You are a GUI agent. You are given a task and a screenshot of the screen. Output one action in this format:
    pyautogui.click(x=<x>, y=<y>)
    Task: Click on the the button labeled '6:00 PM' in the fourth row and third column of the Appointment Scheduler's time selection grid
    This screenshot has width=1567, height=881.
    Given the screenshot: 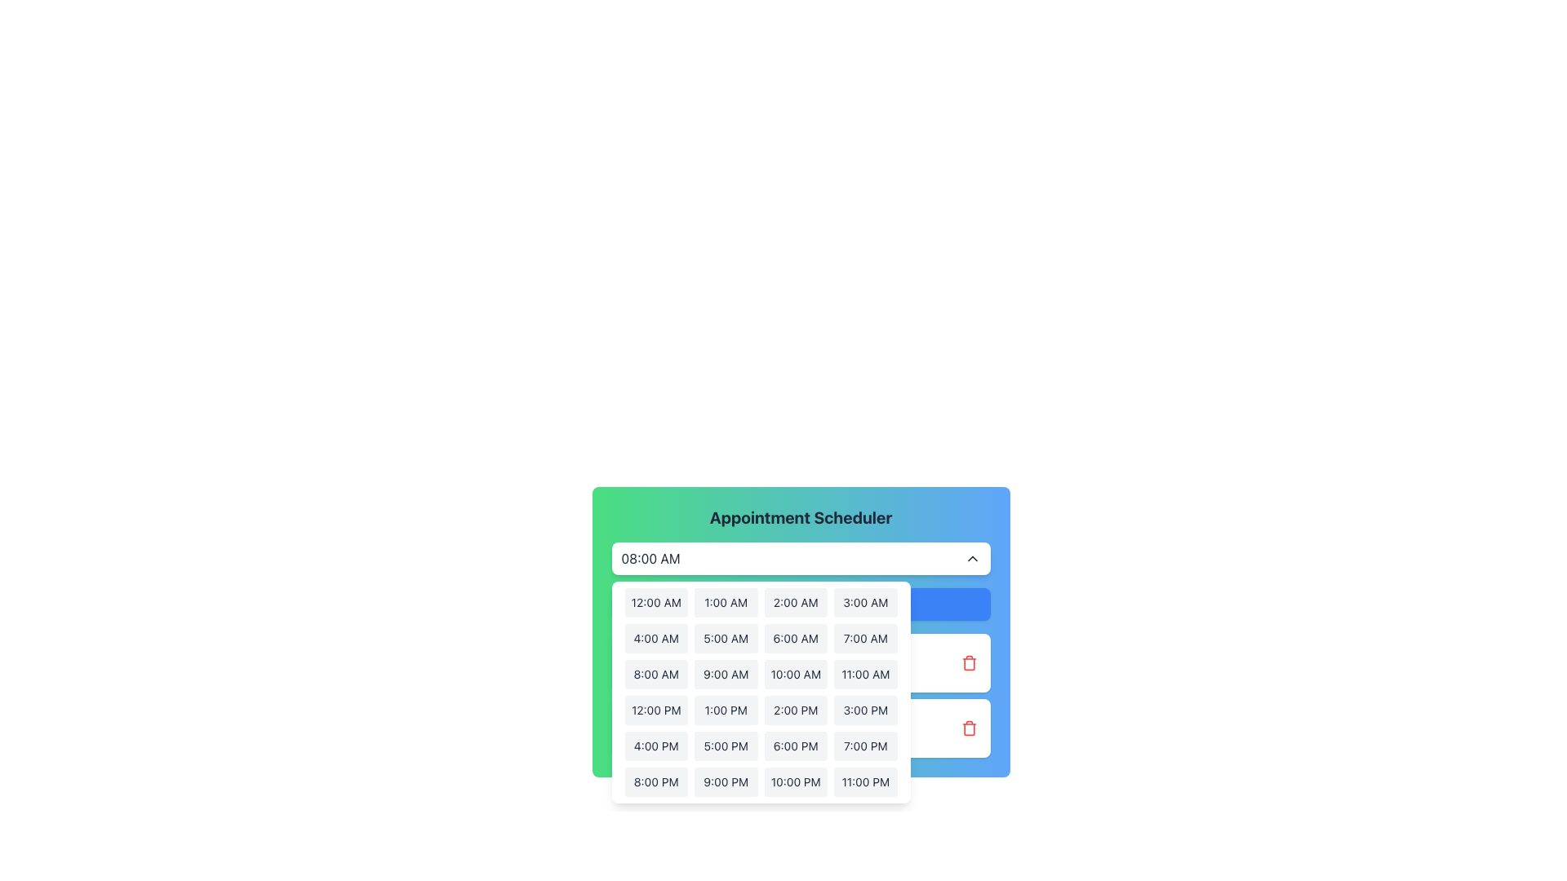 What is the action you would take?
    pyautogui.click(x=796, y=746)
    